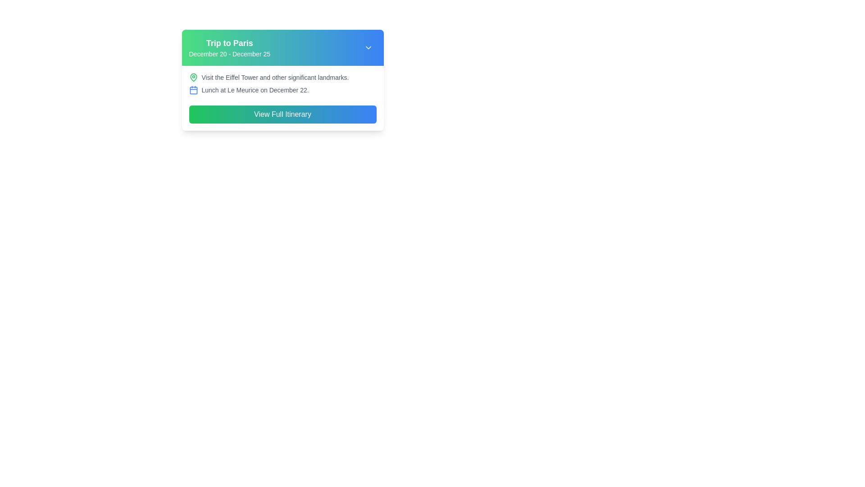 The image size is (865, 487). What do you see at coordinates (193, 90) in the screenshot?
I see `the blue calendar icon next to the text 'Lunch at Le Meurice on December 22.' in the list of planned activities` at bounding box center [193, 90].